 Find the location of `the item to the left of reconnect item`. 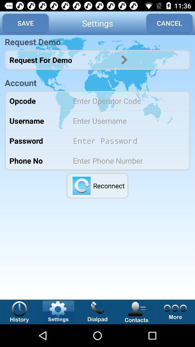

the item to the left of reconnect item is located at coordinates (81, 185).